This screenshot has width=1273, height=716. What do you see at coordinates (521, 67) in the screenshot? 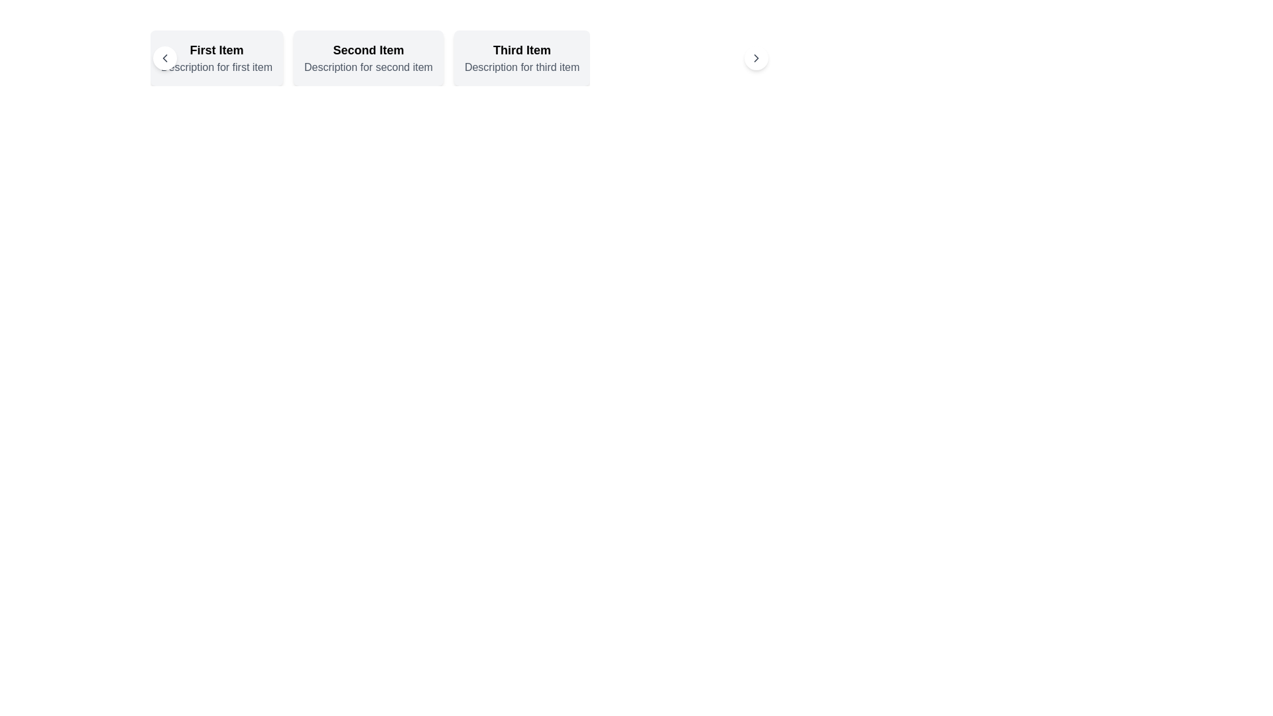
I see `the descriptive text label located under the 'Third Item' title to trigger the tooltip or interaction` at bounding box center [521, 67].